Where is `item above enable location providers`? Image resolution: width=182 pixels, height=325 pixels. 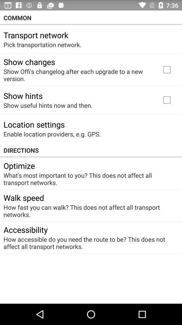
item above enable location providers is located at coordinates (34, 124).